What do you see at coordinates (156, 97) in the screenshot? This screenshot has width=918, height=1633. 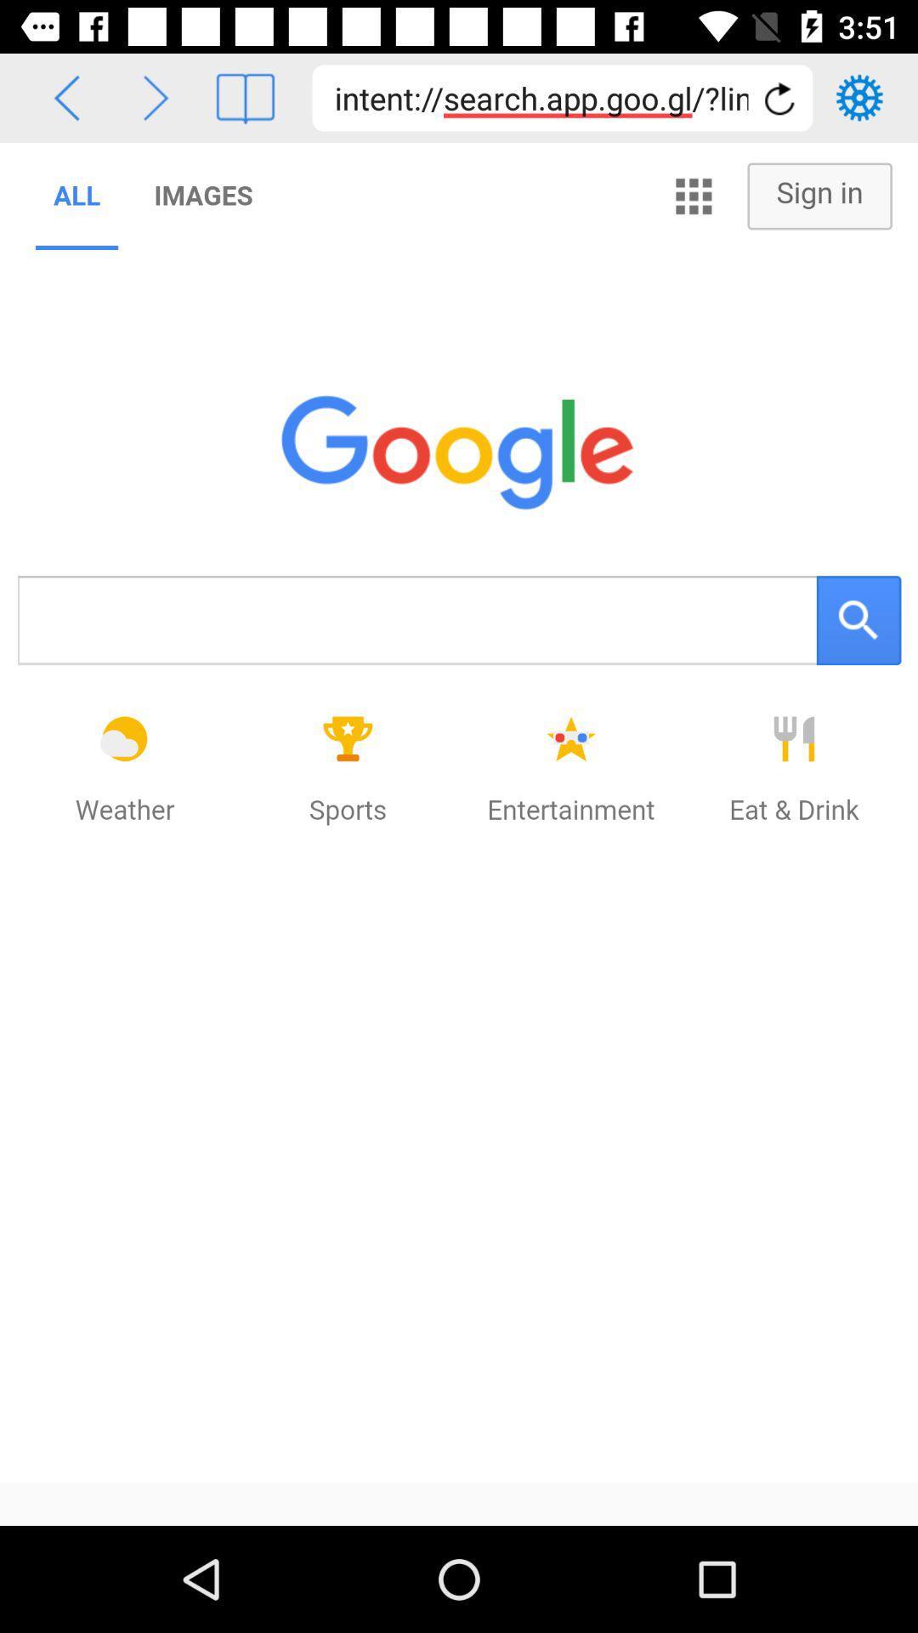 I see `previous` at bounding box center [156, 97].